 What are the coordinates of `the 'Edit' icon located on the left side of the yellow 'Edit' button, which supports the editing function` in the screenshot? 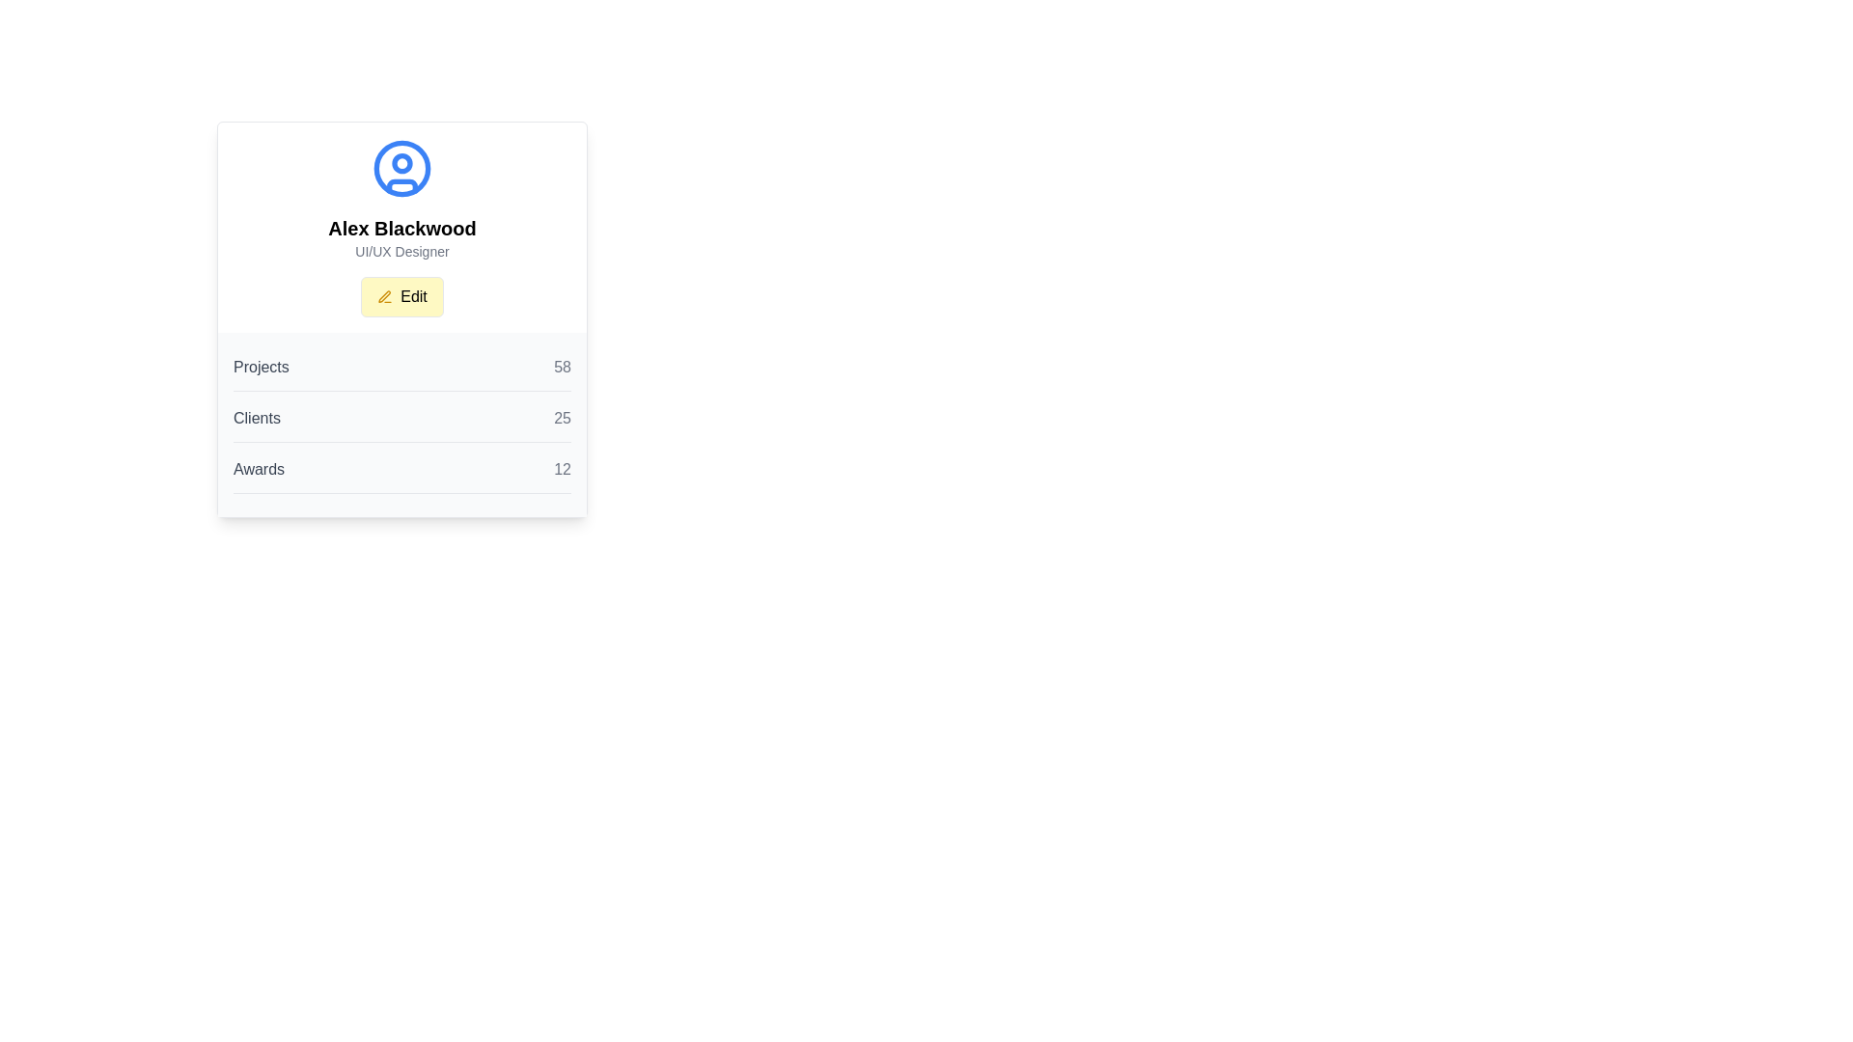 It's located at (385, 297).